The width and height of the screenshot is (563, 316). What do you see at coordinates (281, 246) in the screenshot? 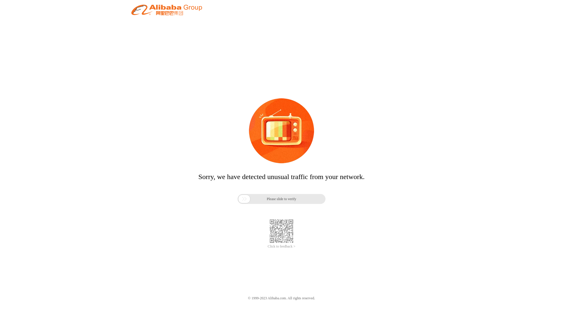
I see `'Click to feedback >'` at bounding box center [281, 246].